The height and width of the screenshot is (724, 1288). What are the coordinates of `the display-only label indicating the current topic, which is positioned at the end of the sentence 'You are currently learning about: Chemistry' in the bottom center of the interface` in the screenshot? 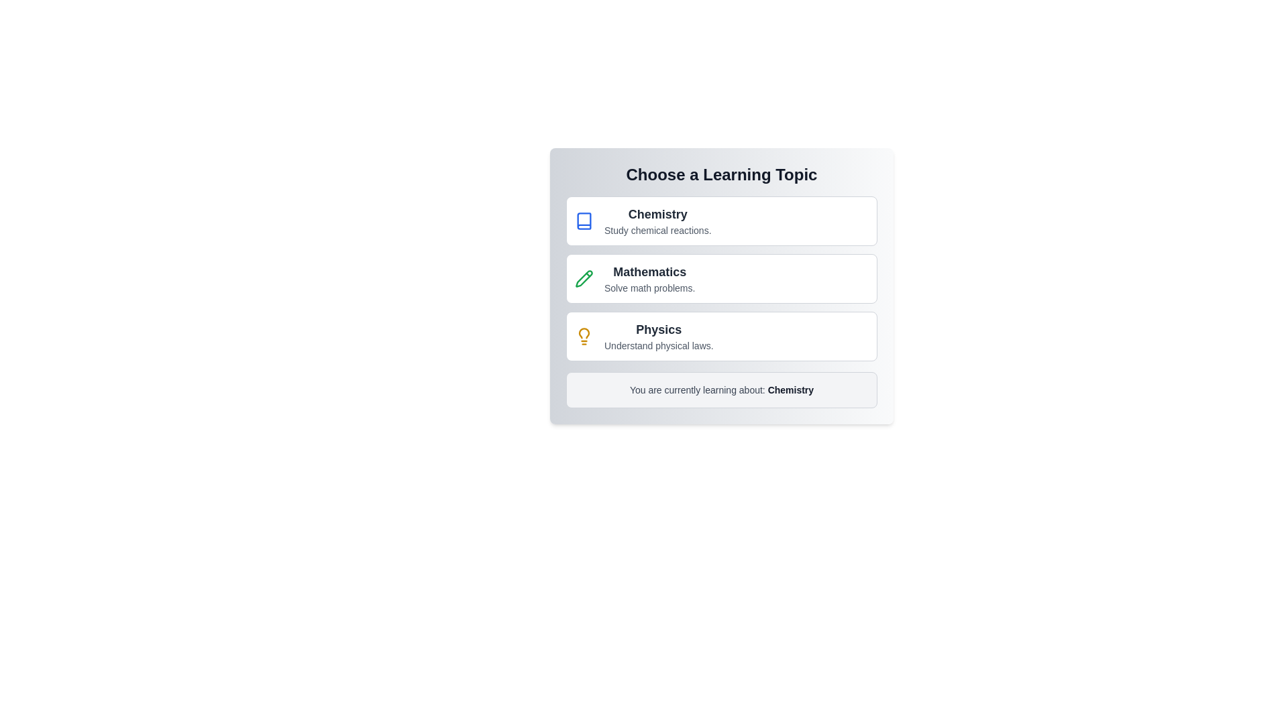 It's located at (790, 390).